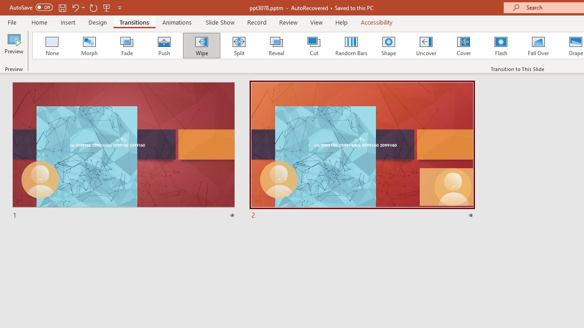 The height and width of the screenshot is (328, 584). I want to click on 'Push', so click(164, 46).